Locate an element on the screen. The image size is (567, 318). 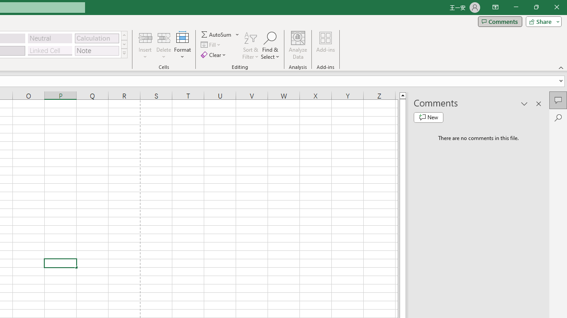
'Delete' is located at coordinates (163, 45).